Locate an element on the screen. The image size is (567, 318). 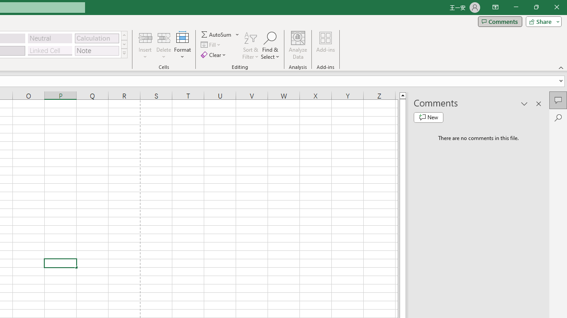
'Delete' is located at coordinates (163, 45).